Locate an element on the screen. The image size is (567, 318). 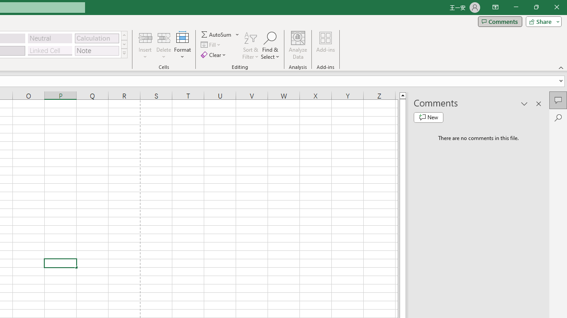
'Delete' is located at coordinates (163, 45).